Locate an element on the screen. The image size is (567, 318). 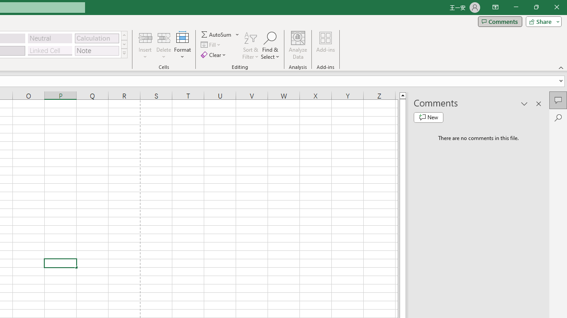
'Delete' is located at coordinates (163, 45).